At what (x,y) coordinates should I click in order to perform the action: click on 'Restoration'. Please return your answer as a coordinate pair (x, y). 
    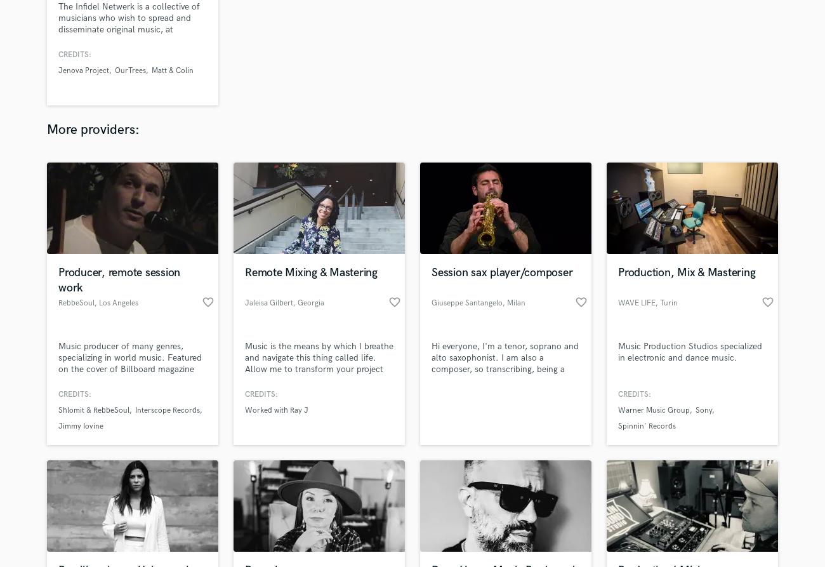
    Looking at the image, I should click on (341, 483).